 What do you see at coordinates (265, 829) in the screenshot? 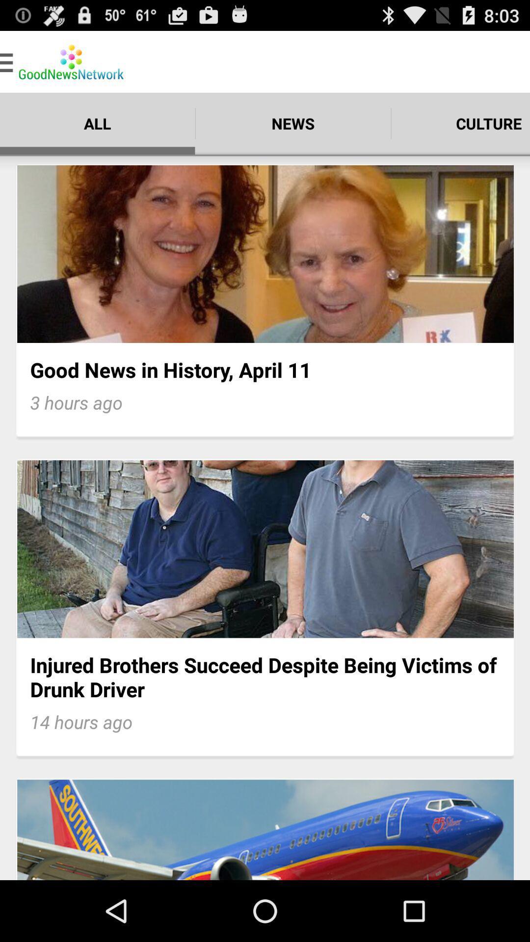
I see `third image` at bounding box center [265, 829].